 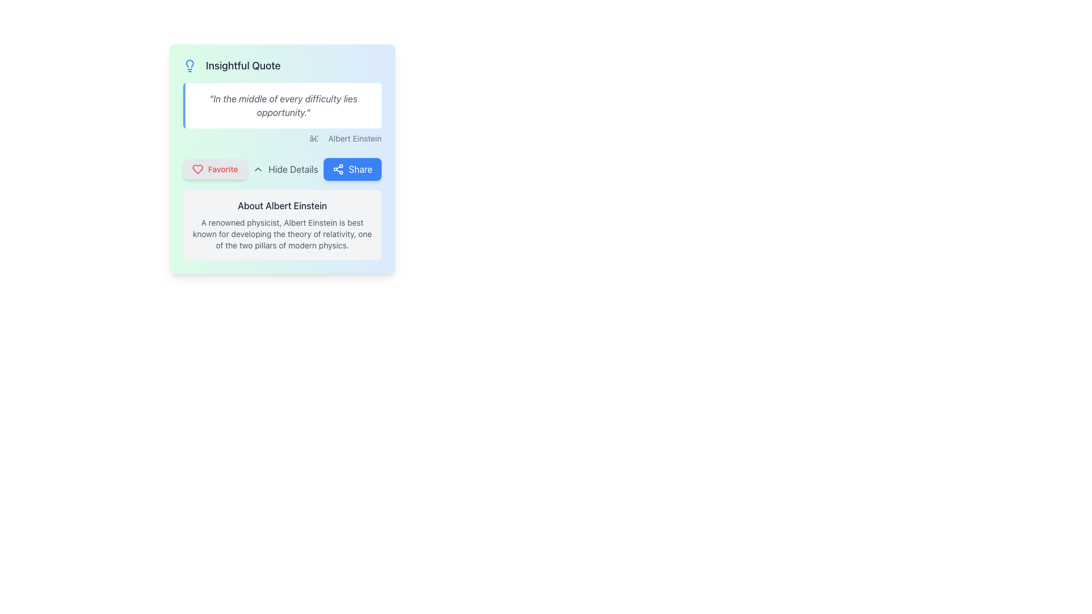 I want to click on the heart icon, which is a minimalist vector representation with a hollow interior located in the 'Favorite' button area beneath the 'Insightful Quote' label, so click(x=197, y=169).